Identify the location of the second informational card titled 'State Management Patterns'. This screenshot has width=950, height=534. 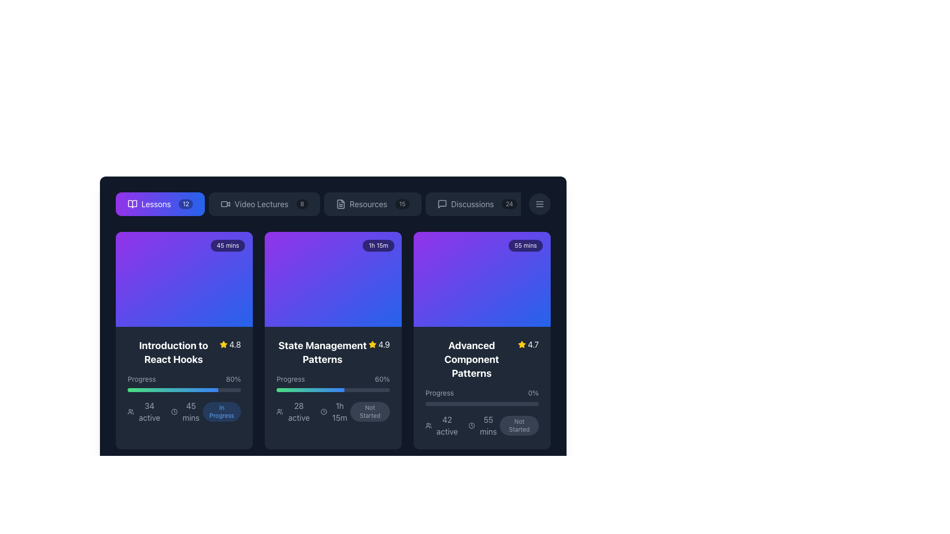
(333, 381).